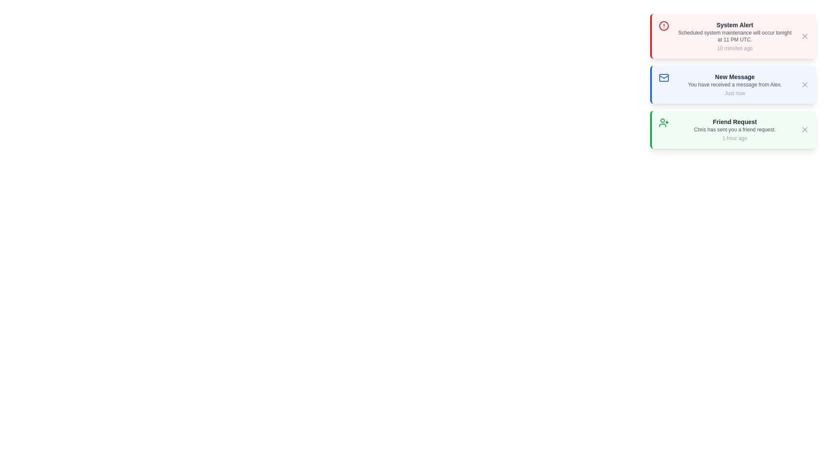 This screenshot has width=830, height=467. I want to click on the timestamp text label located at the bottom of the blue notification card labeled 'New Message', which indicates when the associated message was received, so click(734, 93).